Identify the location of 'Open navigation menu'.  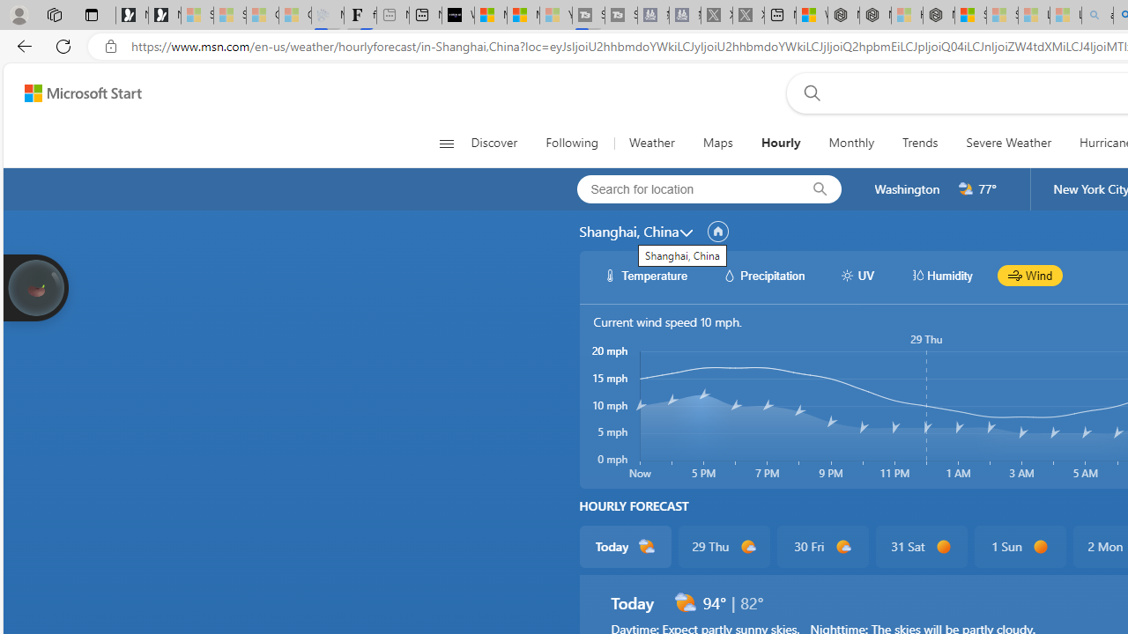
(446, 143).